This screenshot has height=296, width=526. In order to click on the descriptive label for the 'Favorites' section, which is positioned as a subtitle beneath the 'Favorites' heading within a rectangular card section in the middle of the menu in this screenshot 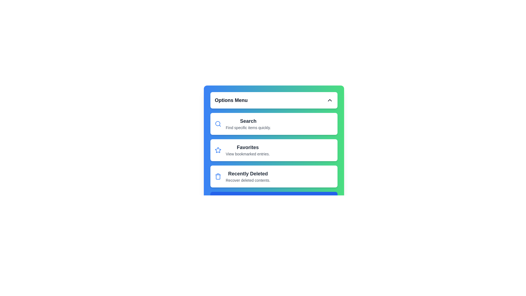, I will do `click(247, 154)`.